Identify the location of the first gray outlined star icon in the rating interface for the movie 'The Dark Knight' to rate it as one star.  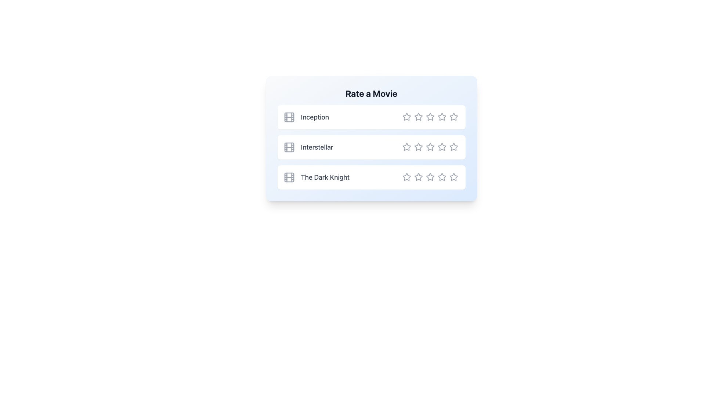
(418, 177).